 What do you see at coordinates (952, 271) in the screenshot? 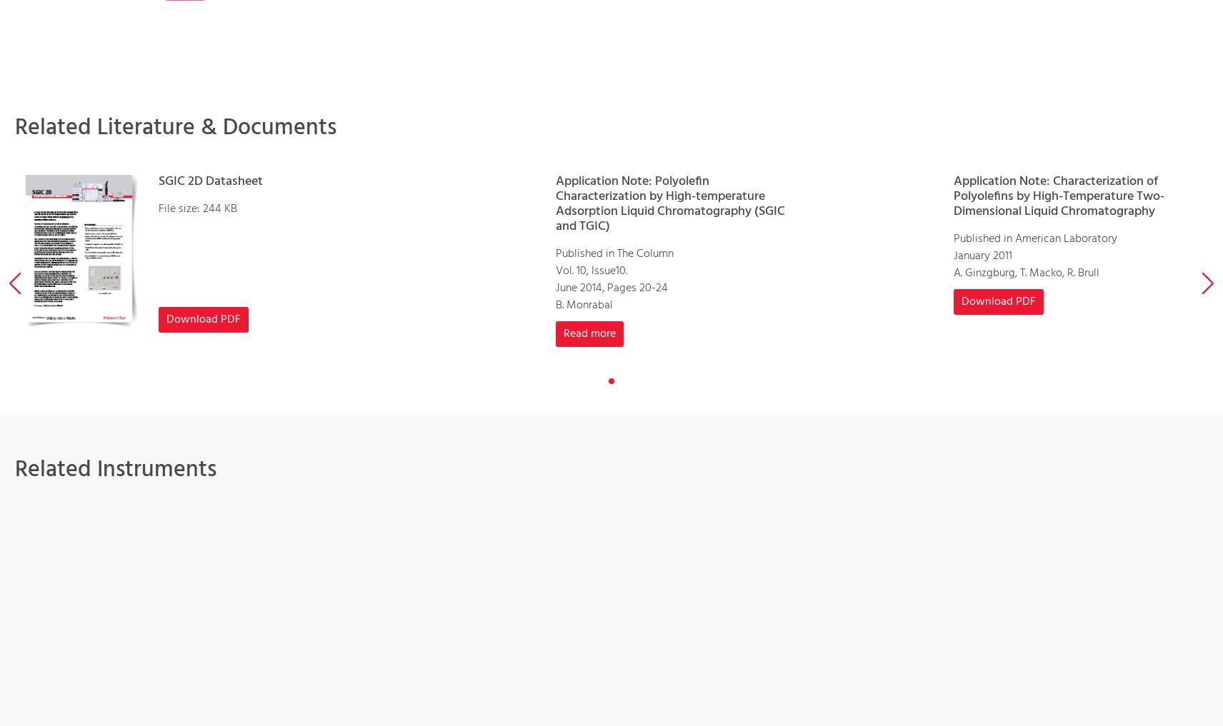
I see `'A. Ginzgburg, T. Macko, R. Brull'` at bounding box center [952, 271].